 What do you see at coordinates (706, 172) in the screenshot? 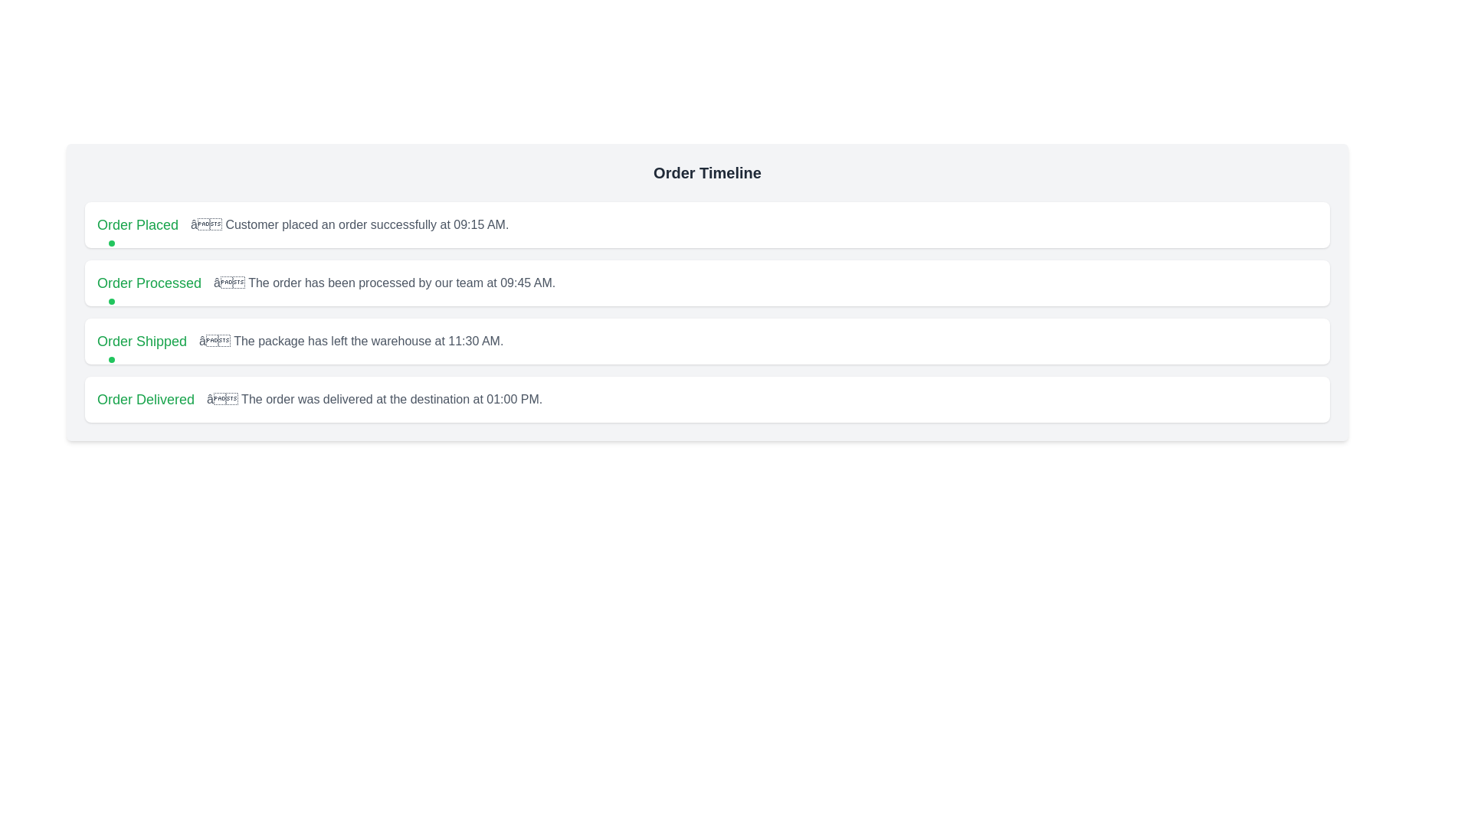
I see `the bold and centered header text 'Order Timeline' which is styled with a large font and located at the top of the order timeline panel` at bounding box center [706, 172].